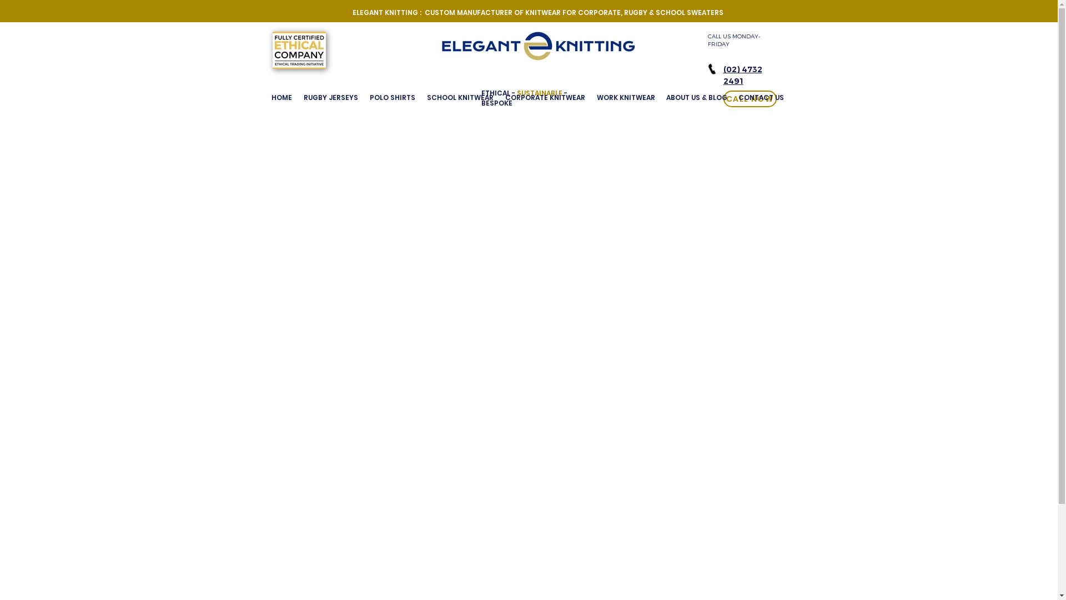 The height and width of the screenshot is (600, 1066). Describe the element at coordinates (393, 97) in the screenshot. I see `'POLO SHIRTS'` at that location.